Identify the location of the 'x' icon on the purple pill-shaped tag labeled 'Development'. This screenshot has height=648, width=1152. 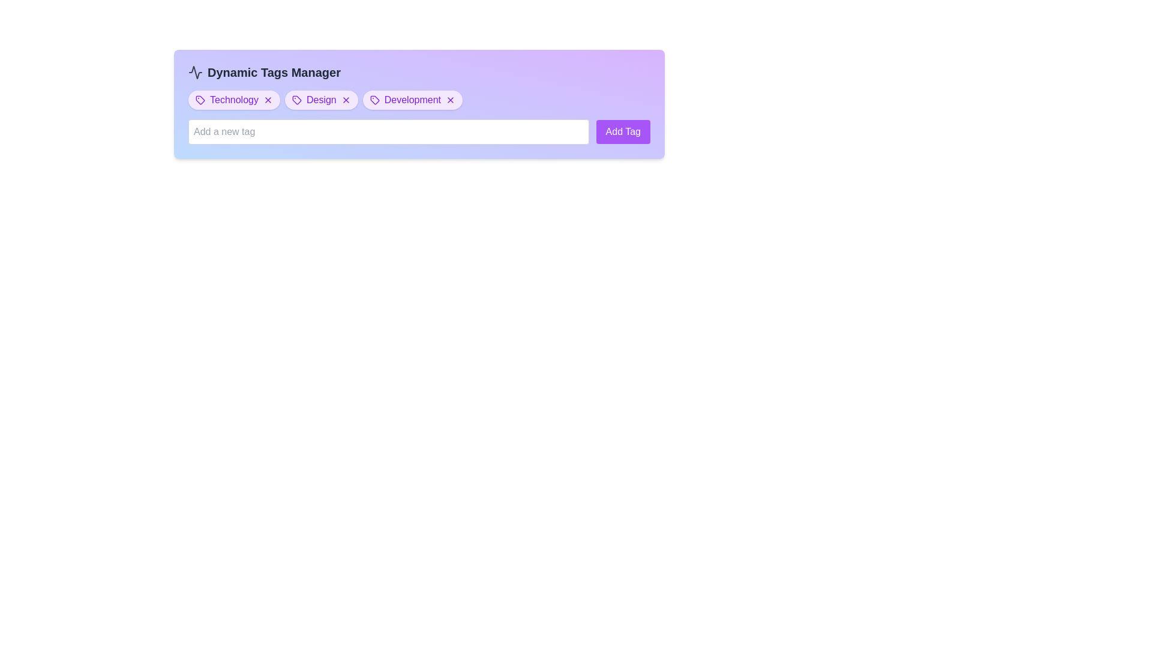
(412, 99).